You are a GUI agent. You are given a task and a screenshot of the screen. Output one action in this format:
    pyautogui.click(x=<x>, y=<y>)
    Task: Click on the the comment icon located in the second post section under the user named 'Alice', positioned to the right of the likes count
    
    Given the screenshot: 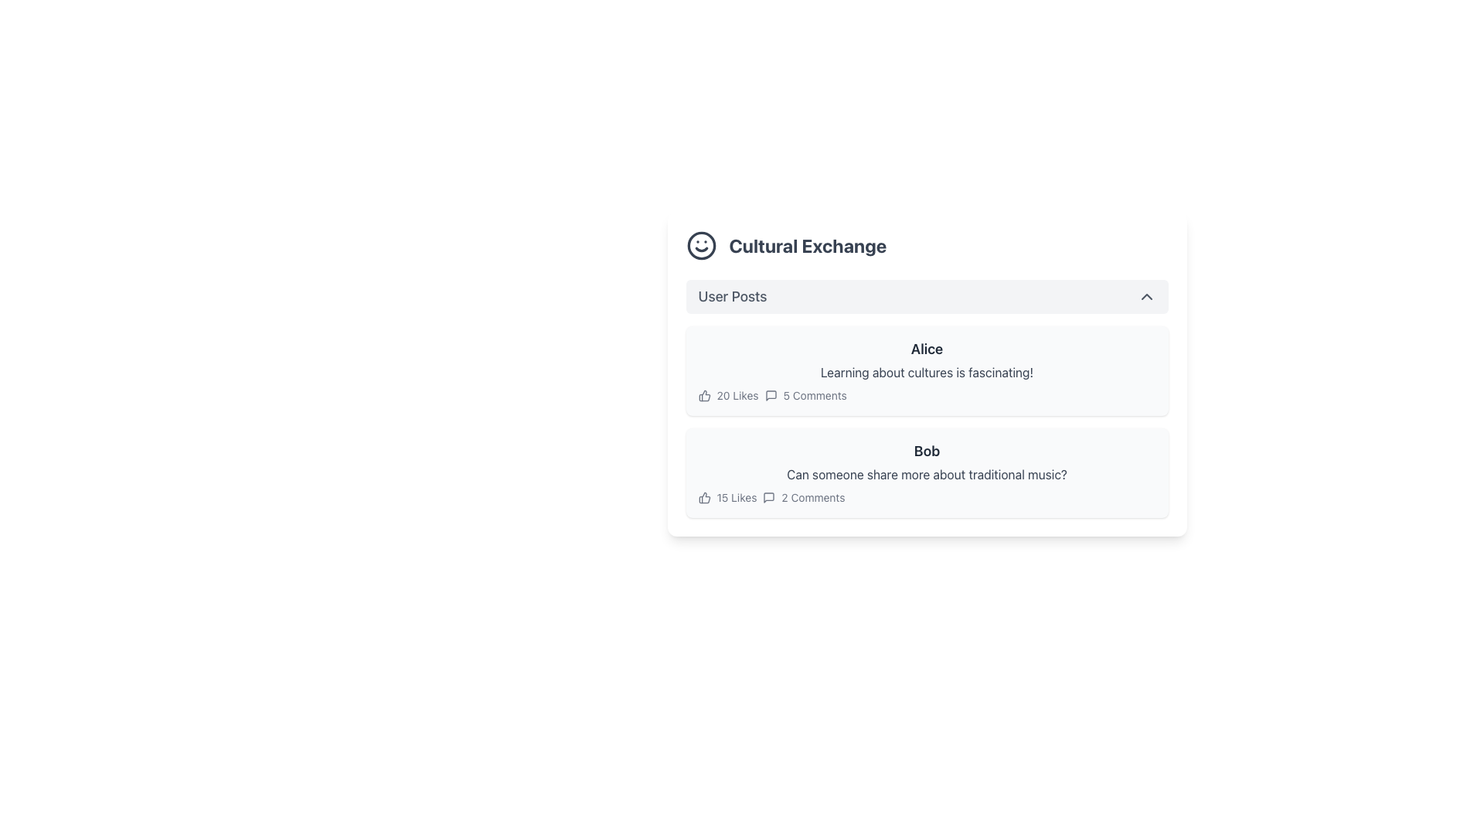 What is the action you would take?
    pyautogui.click(x=771, y=395)
    